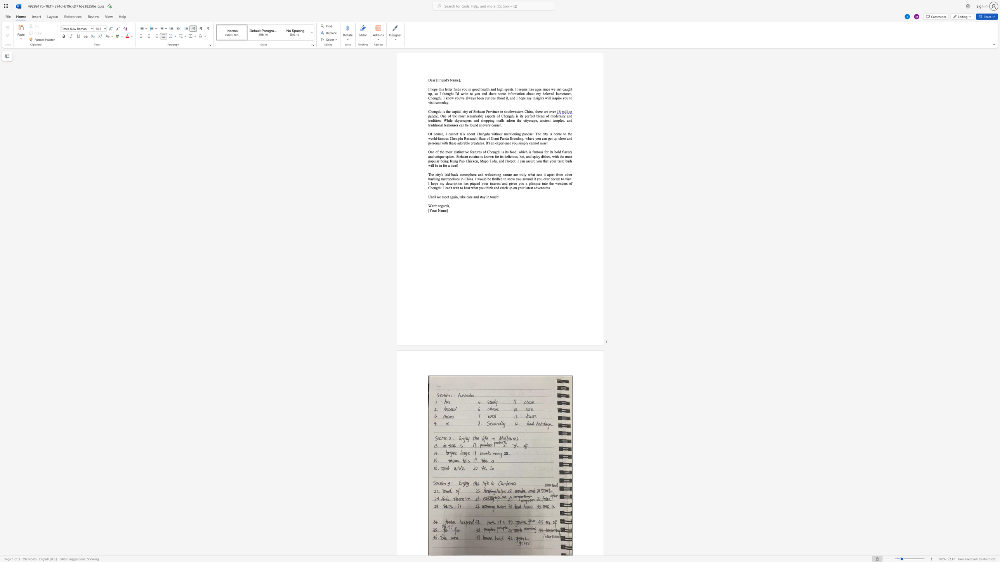 The image size is (1000, 562). Describe the element at coordinates (536, 111) in the screenshot. I see `the subset text "here ar" within the text "Chengdu is the capital city of Sichuan Province in southwestern China, there are over"` at that location.